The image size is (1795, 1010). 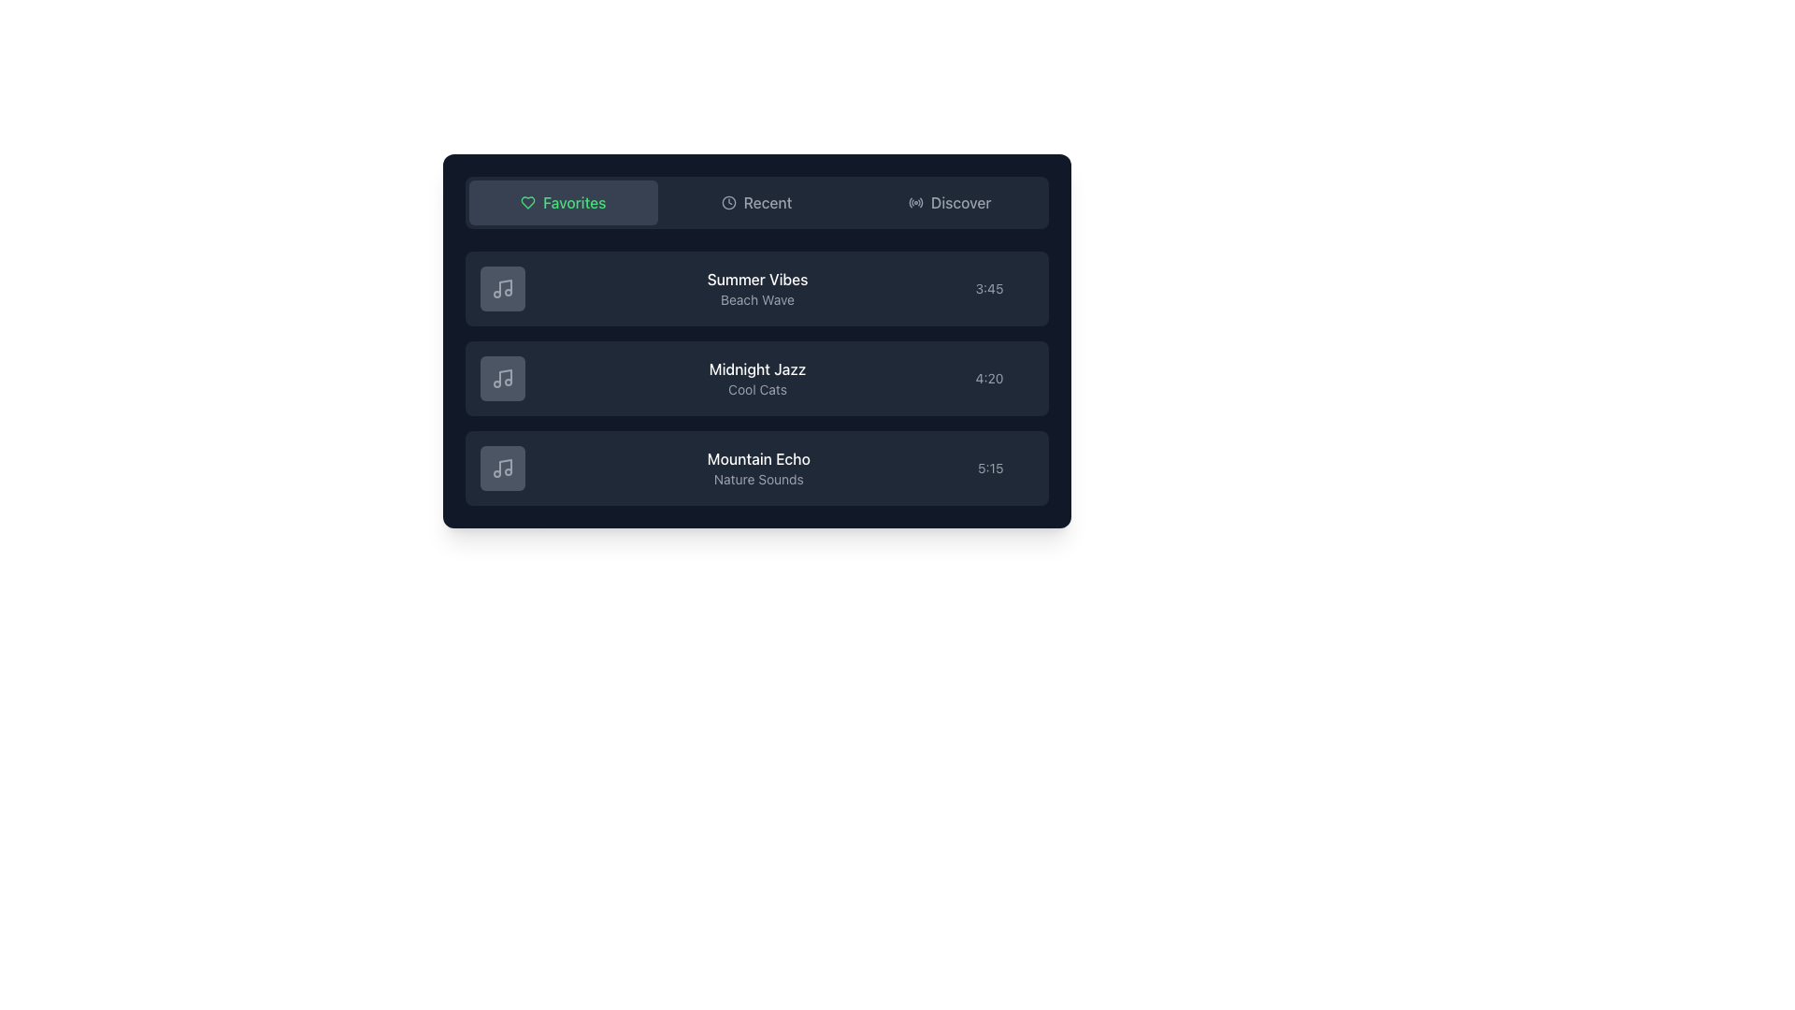 What do you see at coordinates (502, 288) in the screenshot?
I see `the music-related icon representing 'Summer Vibes' in the vertical list` at bounding box center [502, 288].